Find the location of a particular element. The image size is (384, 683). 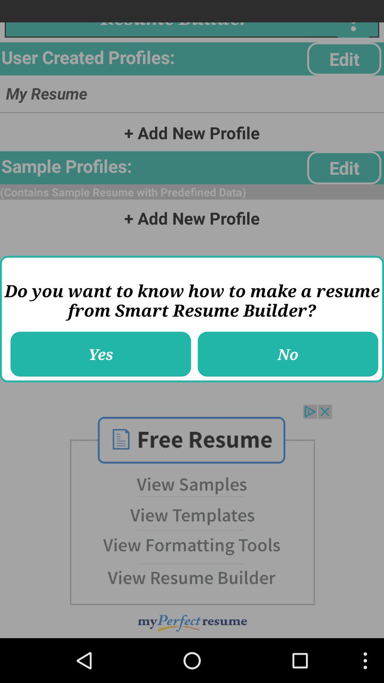

button on the right is located at coordinates (288, 354).